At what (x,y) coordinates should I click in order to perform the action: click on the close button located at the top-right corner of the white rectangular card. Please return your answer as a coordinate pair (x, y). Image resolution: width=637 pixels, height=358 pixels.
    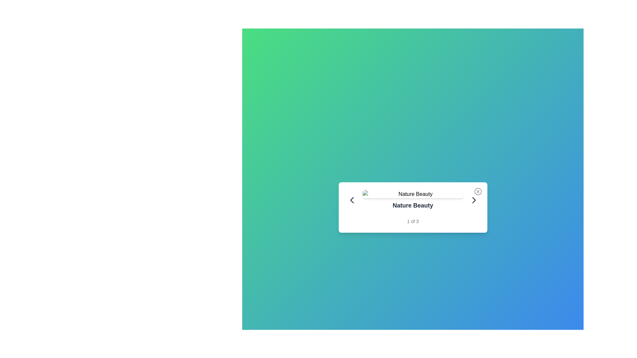
    Looking at the image, I should click on (478, 192).